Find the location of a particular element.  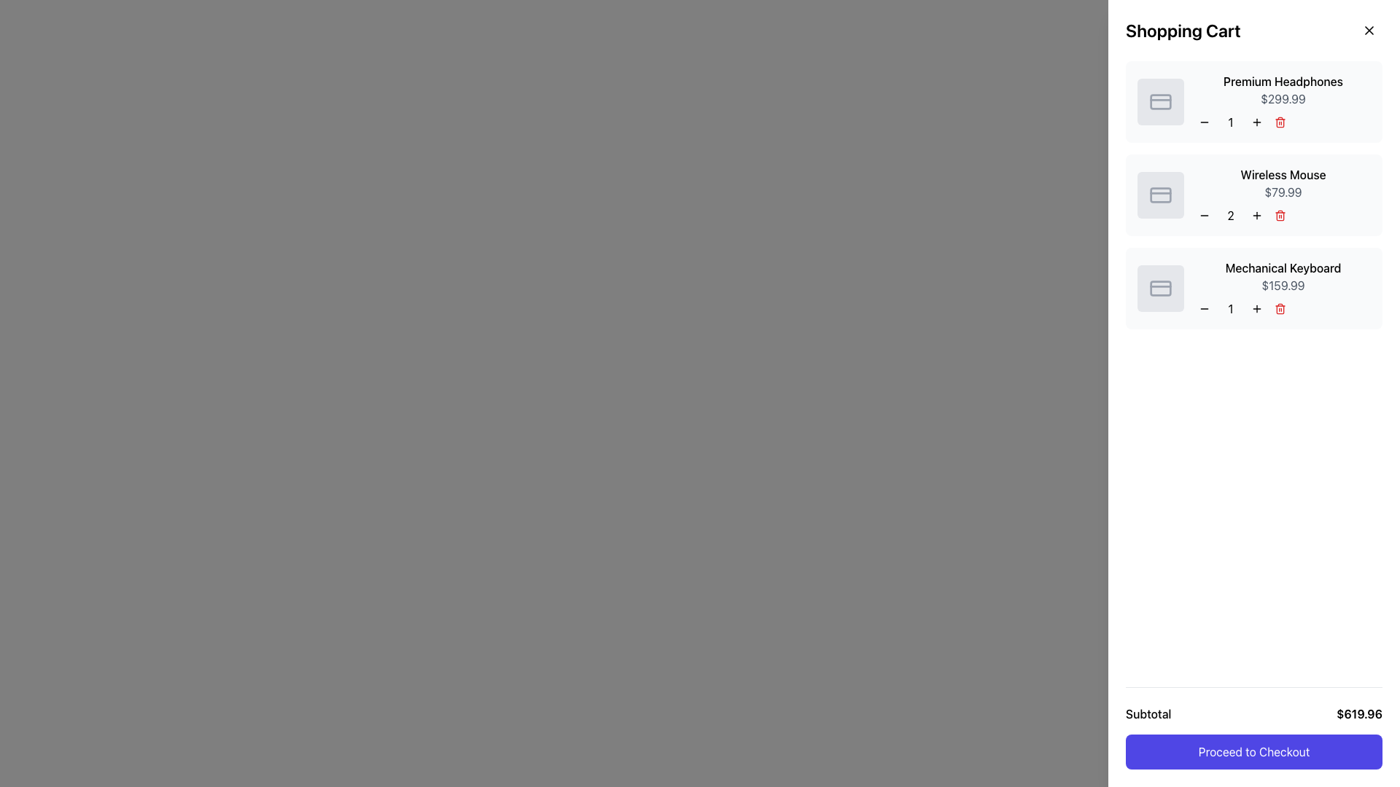

the delete icon button located to the right of the Wireless Mouse item in the shopping cart is located at coordinates (1280, 216).